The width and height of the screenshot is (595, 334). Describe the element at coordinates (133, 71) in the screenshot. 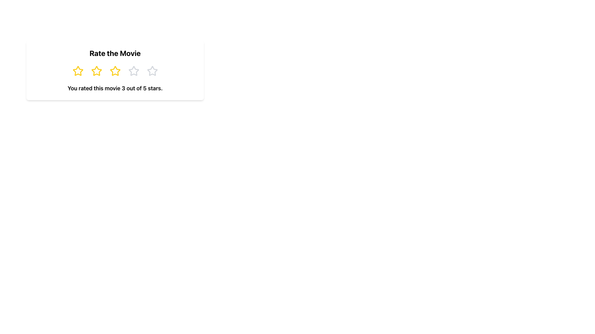

I see `the fourth star icon` at that location.